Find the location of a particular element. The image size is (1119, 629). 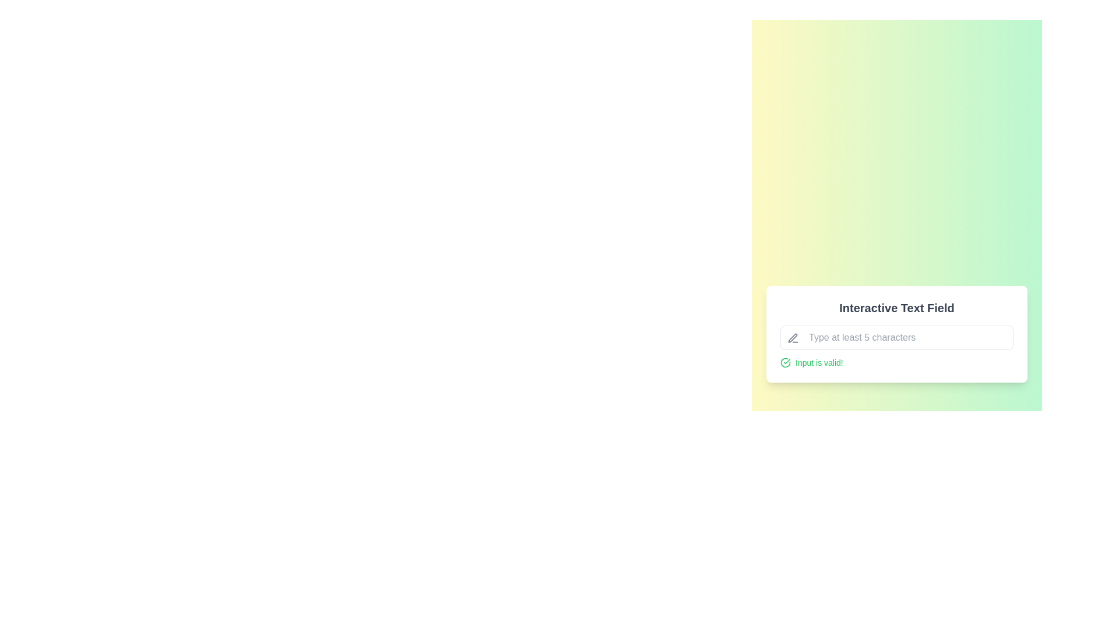

the Text Input Field located below the 'Interactive Text Field' heading, which allows users to input text and has a placeholder indicating a minimum required input length of 5 characters is located at coordinates (896, 337).